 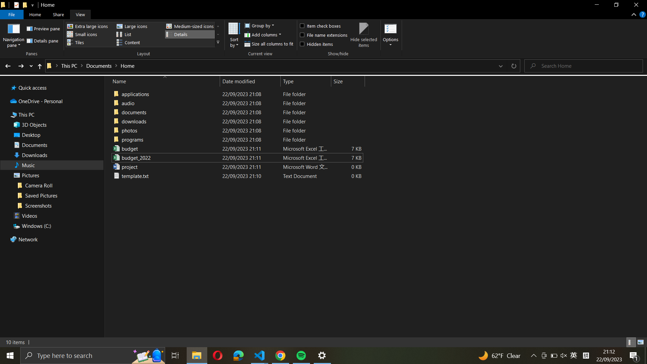 What do you see at coordinates (196, 355) in the screenshot?
I see `Minimize the window using icon` at bounding box center [196, 355].